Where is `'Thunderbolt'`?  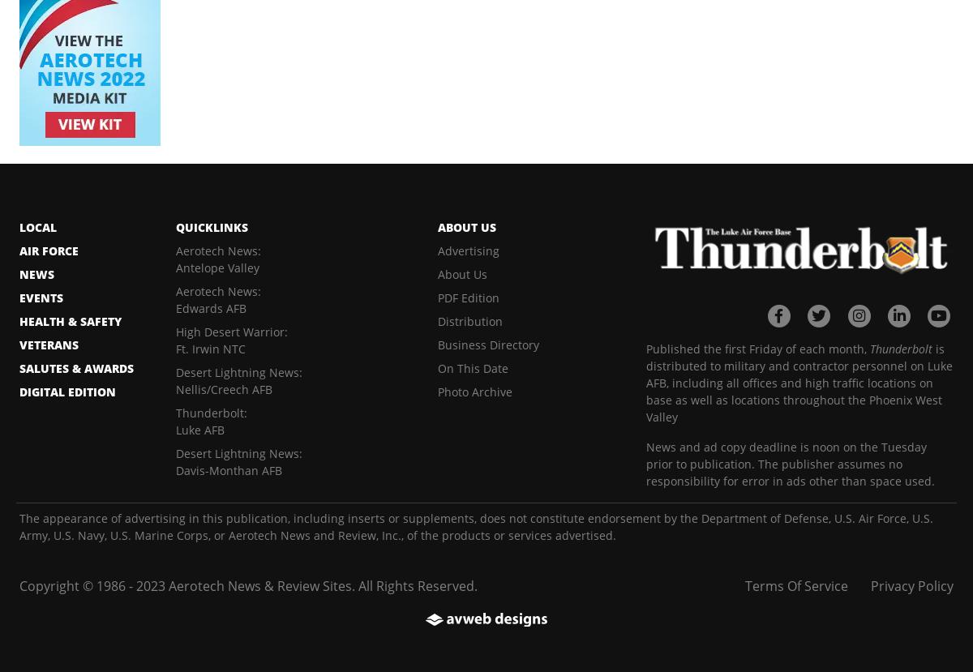 'Thunderbolt' is located at coordinates (900, 347).